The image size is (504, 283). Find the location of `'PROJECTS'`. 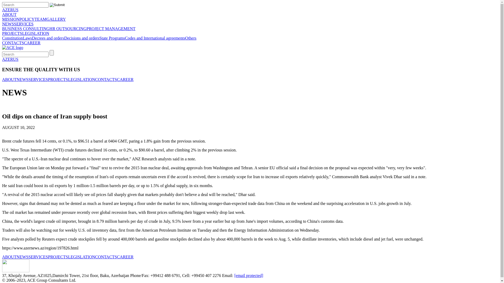

'PROJECTS' is located at coordinates (2, 33).